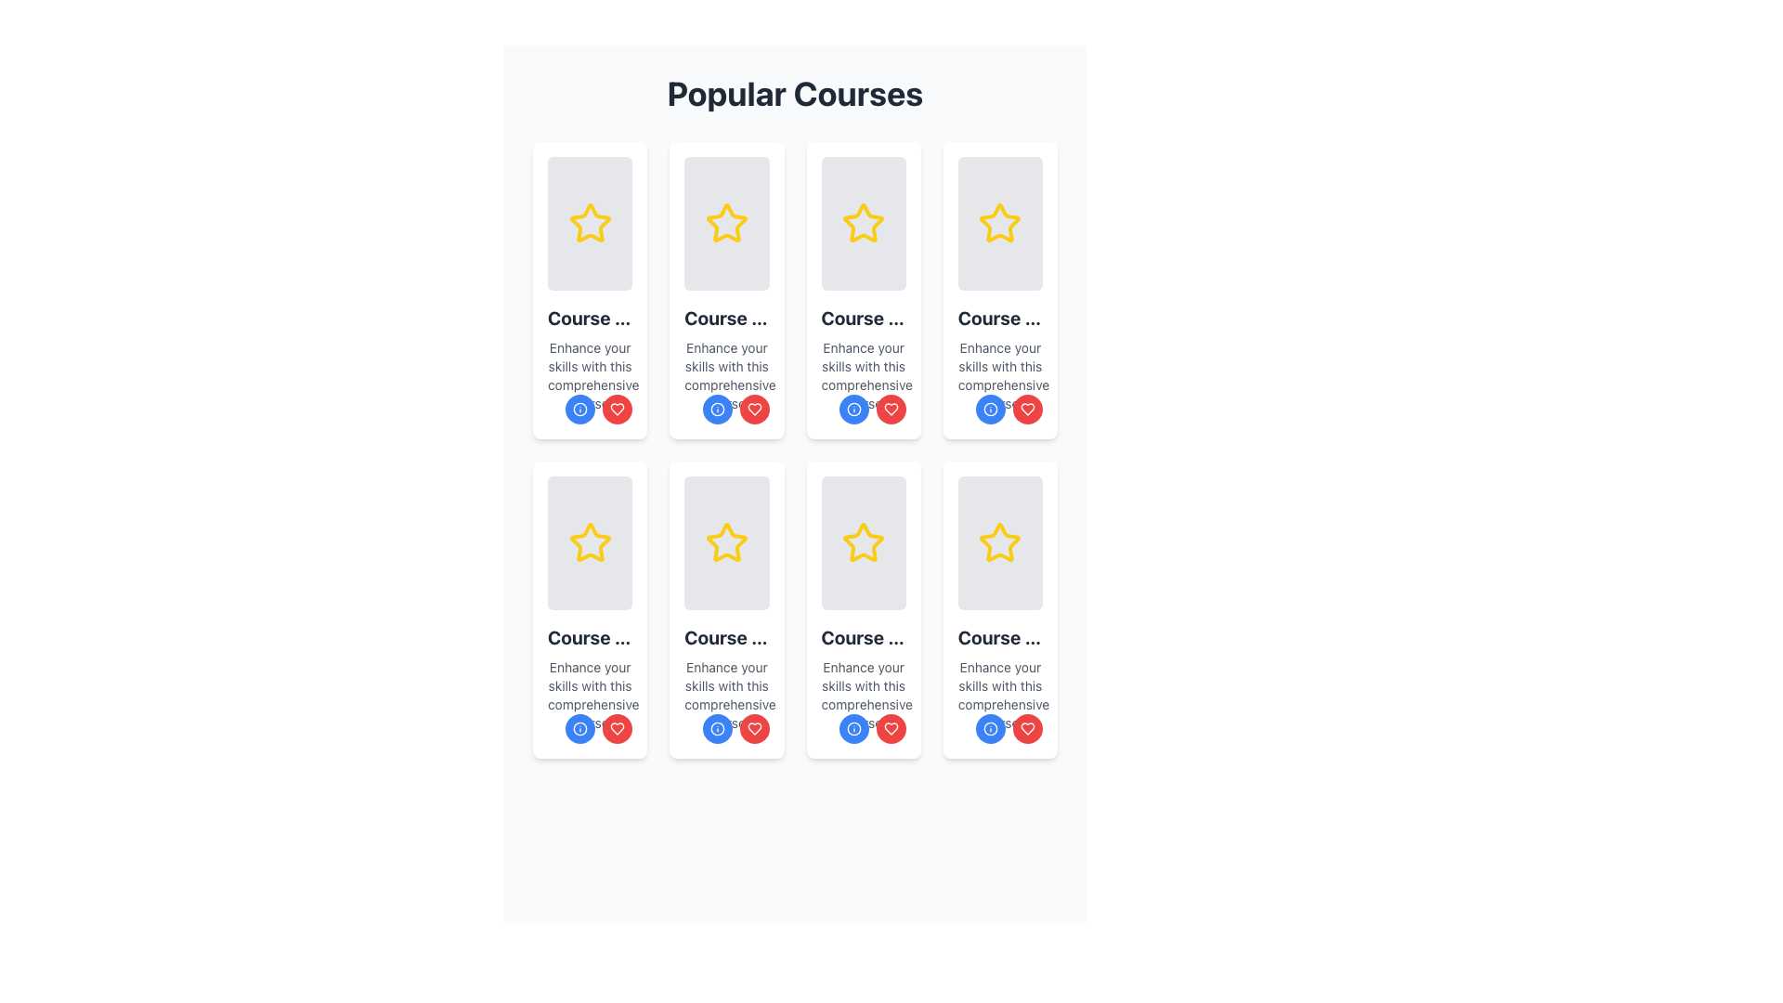 The width and height of the screenshot is (1783, 1003). Describe the element at coordinates (852, 408) in the screenshot. I see `the informational icon button located in the second row, fourth column of the grid structure` at that location.